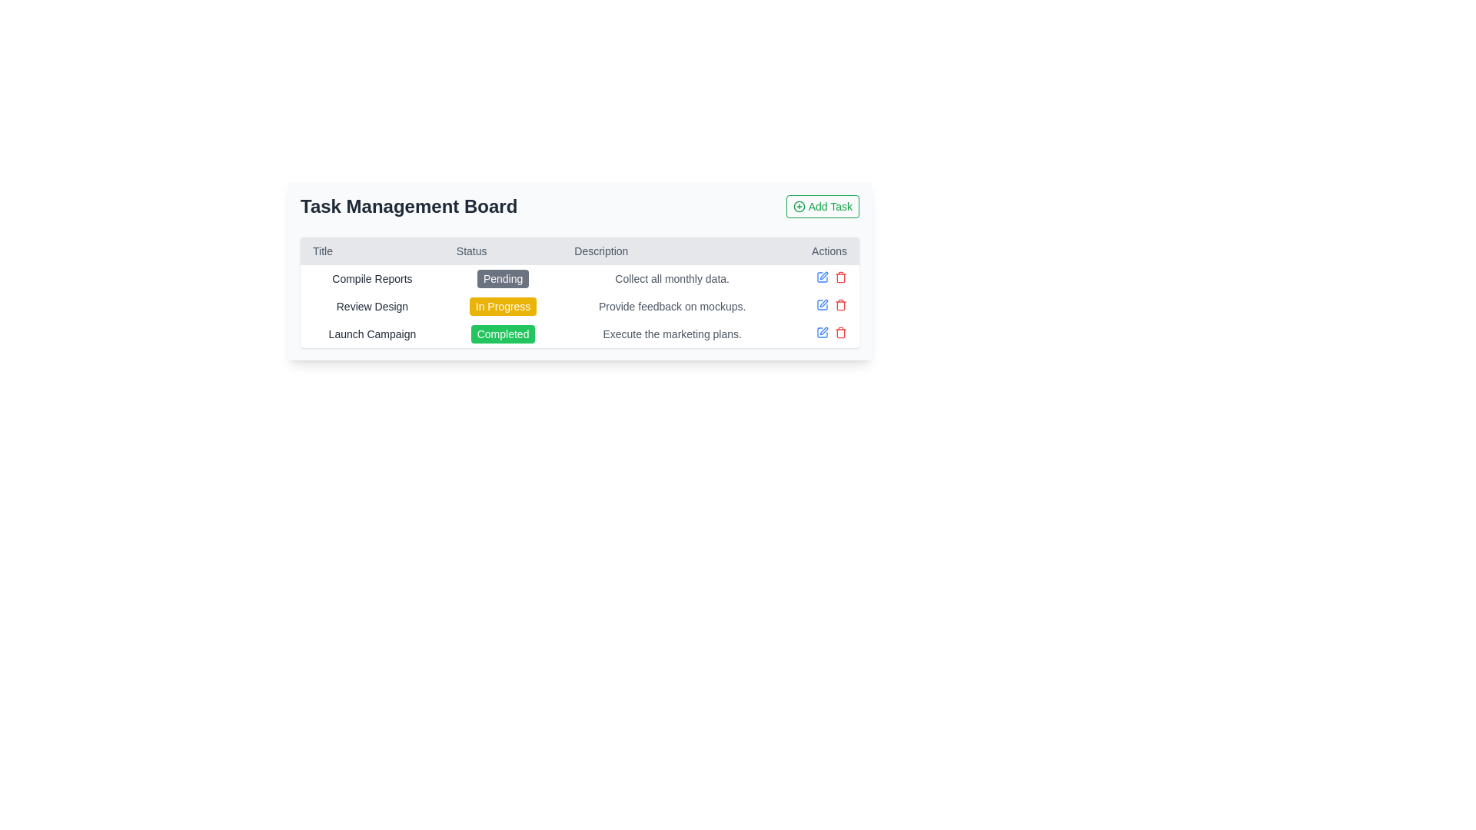  What do you see at coordinates (840, 331) in the screenshot?
I see `the delete button` at bounding box center [840, 331].